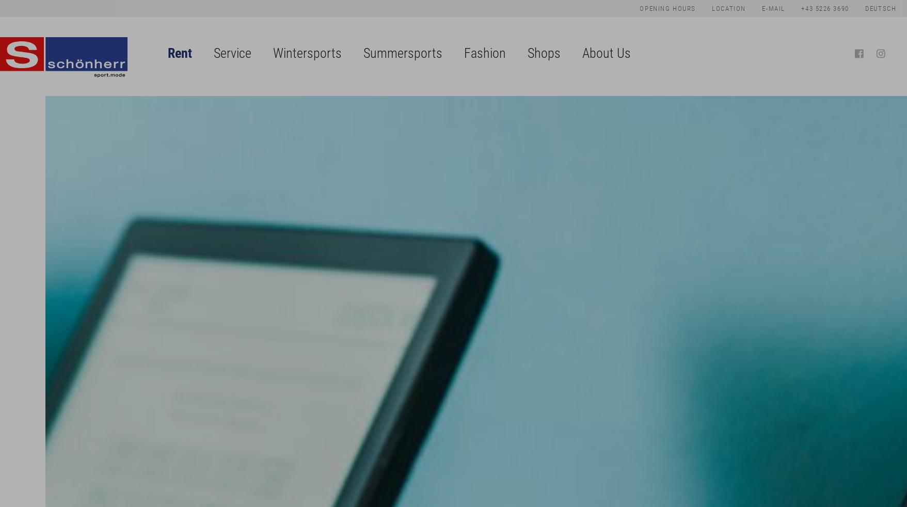 This screenshot has width=907, height=507. Describe the element at coordinates (606, 121) in the screenshot. I see `'Team'` at that location.